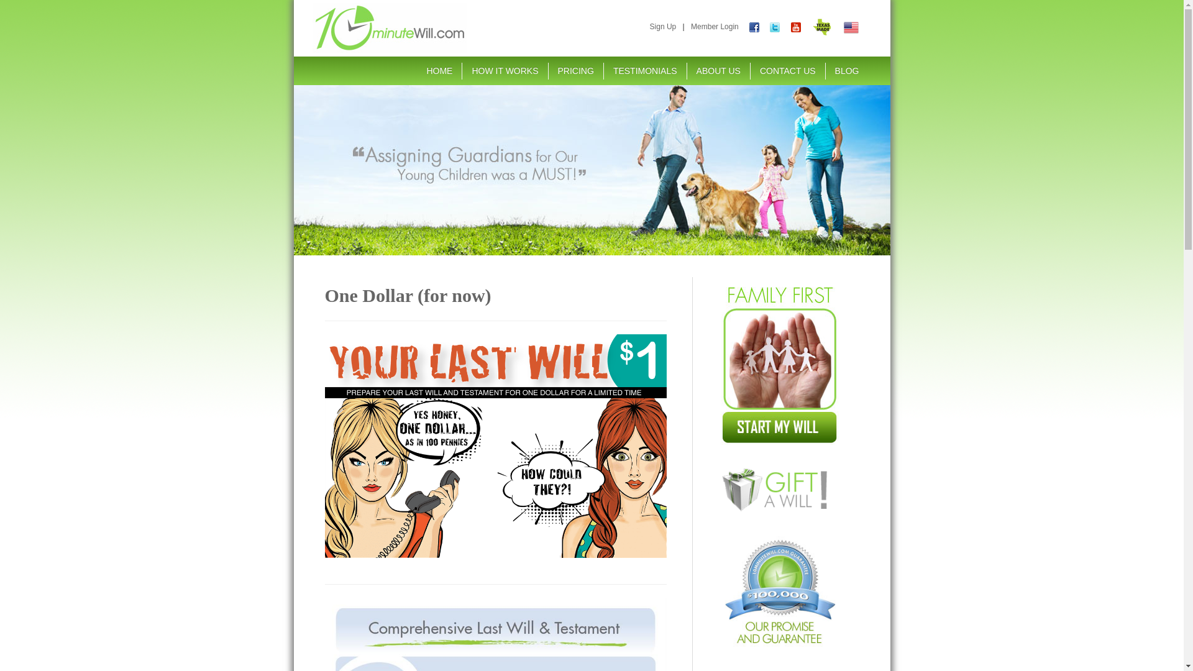 This screenshot has height=671, width=1193. What do you see at coordinates (846, 71) in the screenshot?
I see `'BLOG'` at bounding box center [846, 71].